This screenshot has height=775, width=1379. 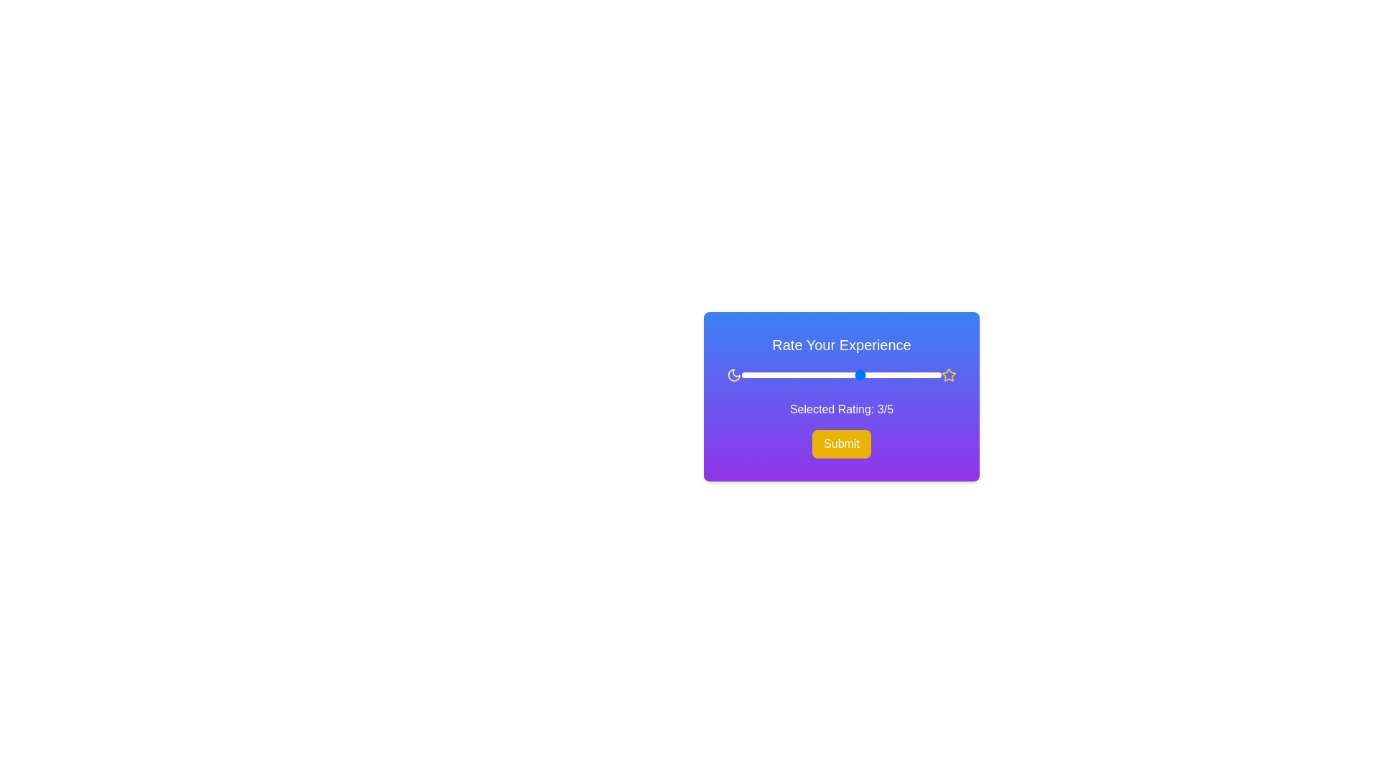 I want to click on the rating slider to 3 (0-5), so click(x=861, y=375).